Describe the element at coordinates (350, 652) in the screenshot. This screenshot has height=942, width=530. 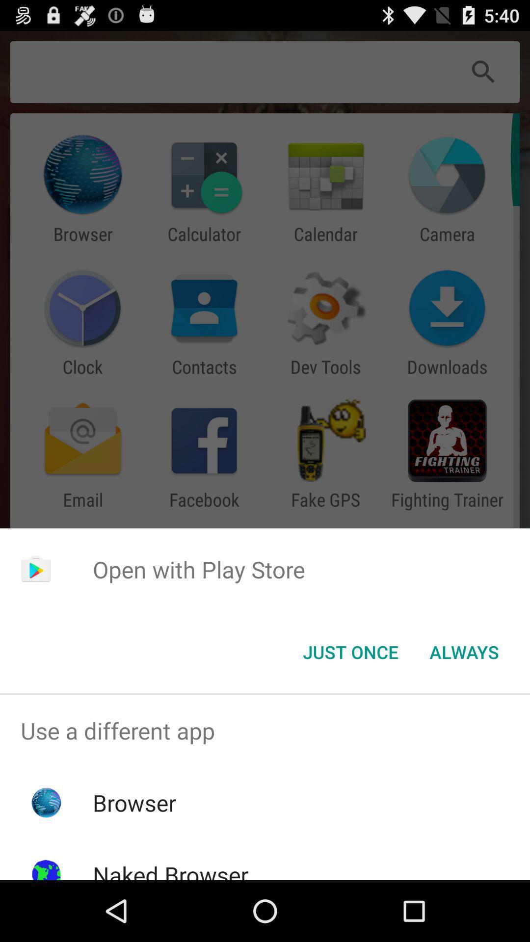
I see `the button next to always` at that location.